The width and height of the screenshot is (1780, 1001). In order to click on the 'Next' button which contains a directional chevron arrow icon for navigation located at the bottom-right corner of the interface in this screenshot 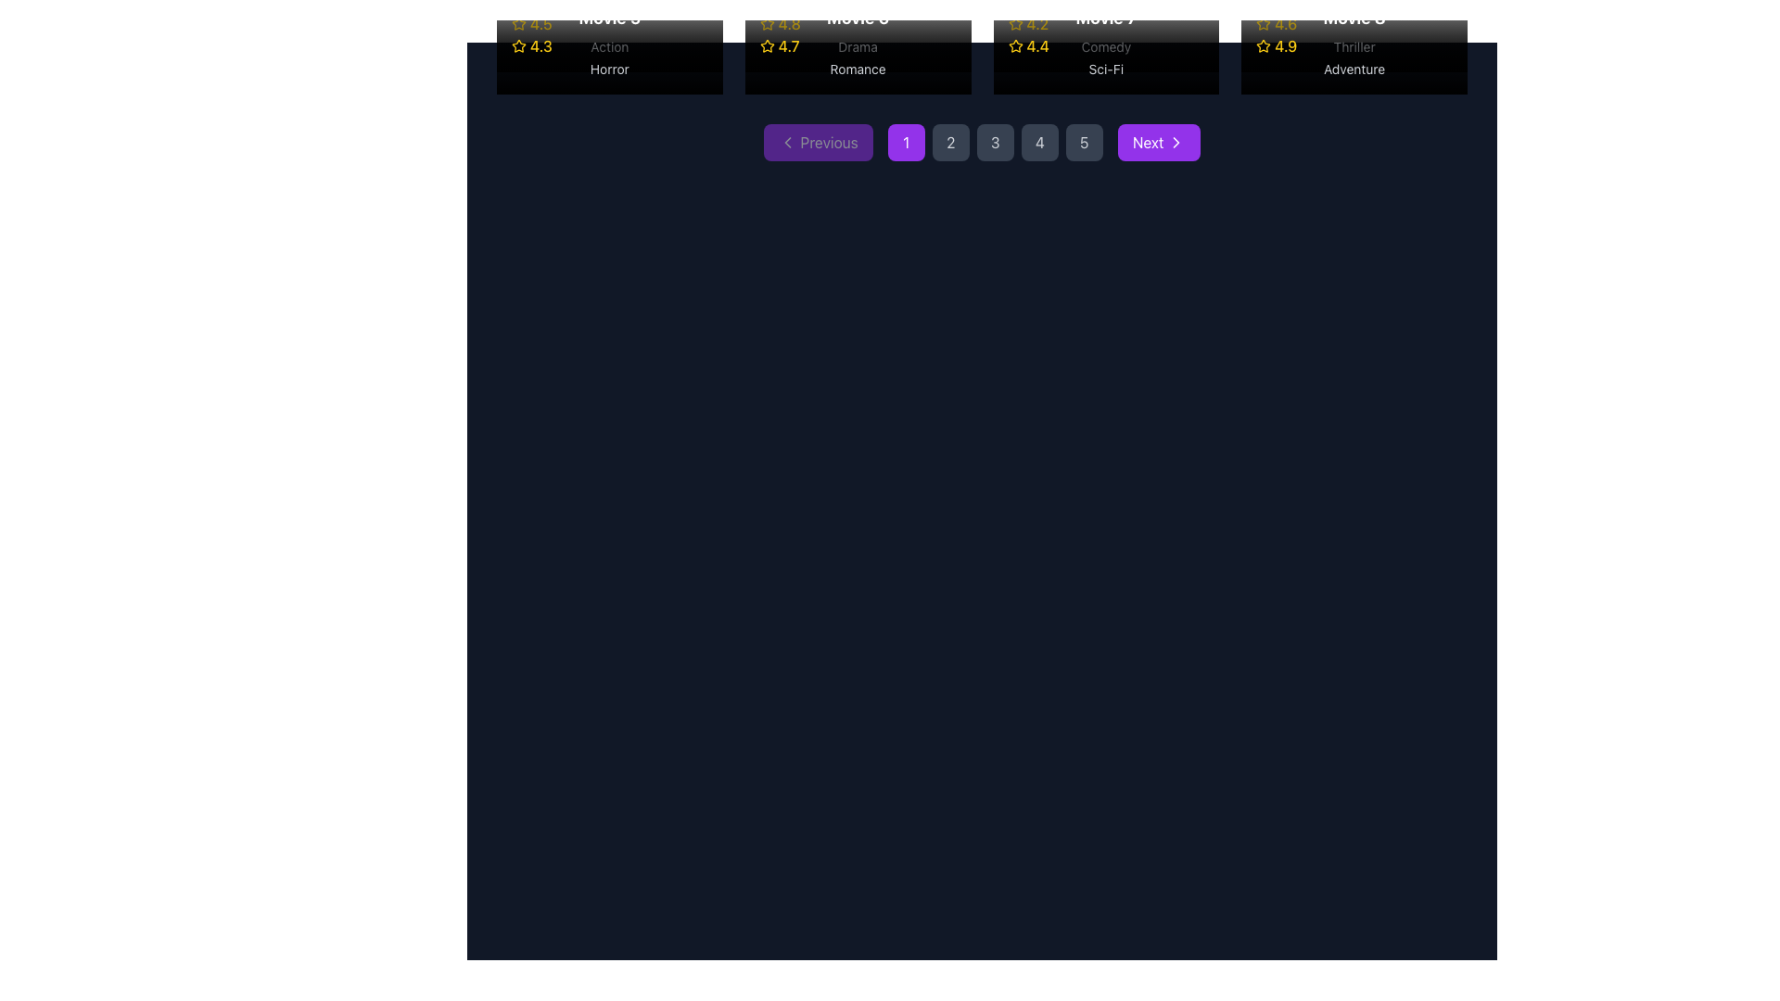, I will do `click(1175, 142)`.